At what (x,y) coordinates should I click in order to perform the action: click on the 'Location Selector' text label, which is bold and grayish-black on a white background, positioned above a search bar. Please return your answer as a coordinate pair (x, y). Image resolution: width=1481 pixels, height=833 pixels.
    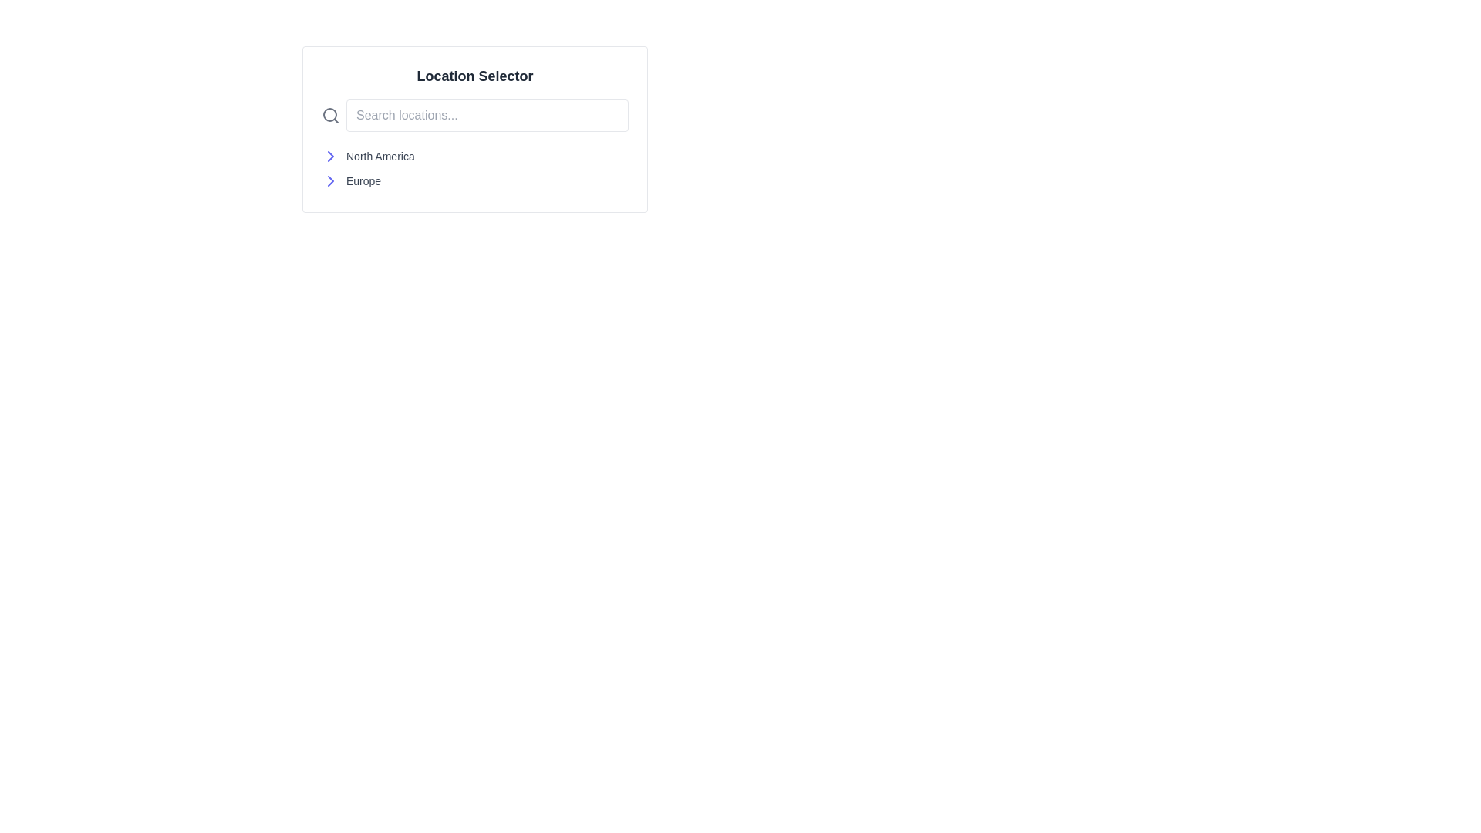
    Looking at the image, I should click on (474, 76).